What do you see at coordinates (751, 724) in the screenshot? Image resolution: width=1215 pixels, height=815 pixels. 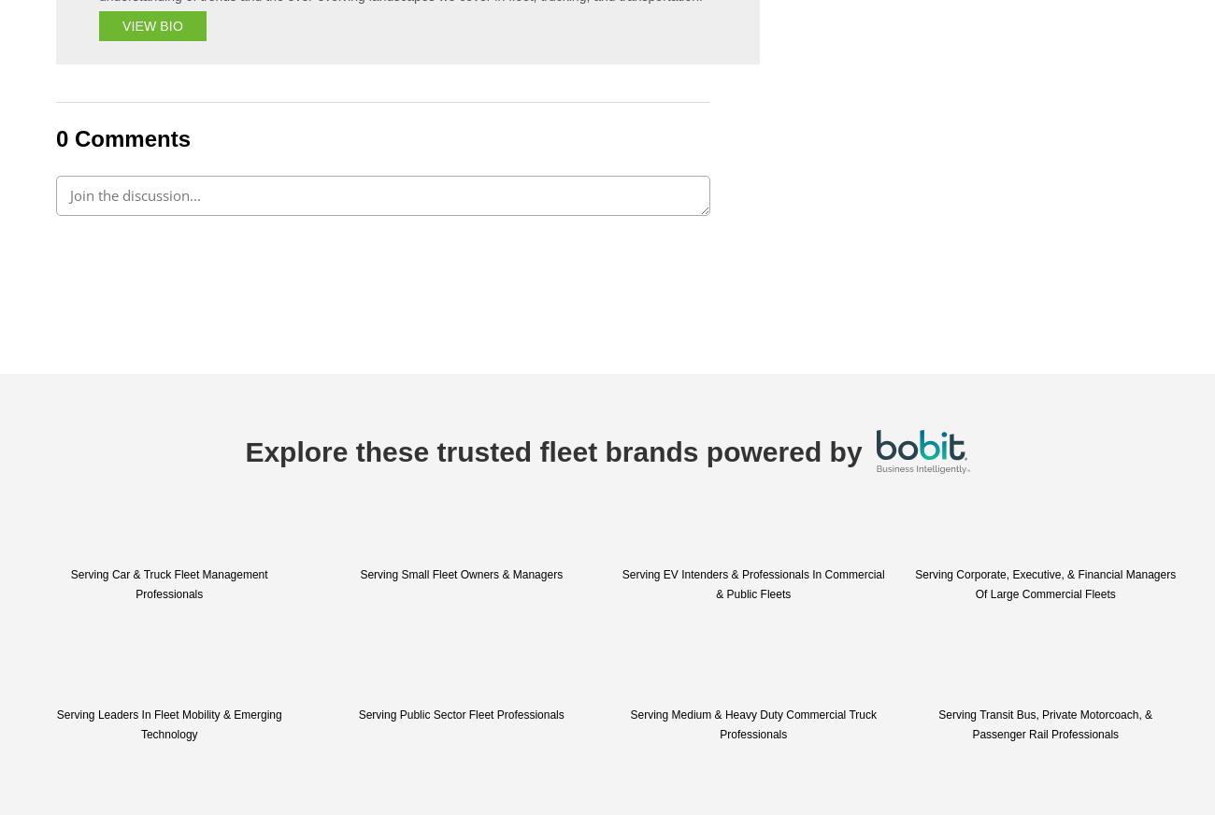 I see `'Serving Medium & Heavy Duty Commercial Truck Professionals'` at bounding box center [751, 724].